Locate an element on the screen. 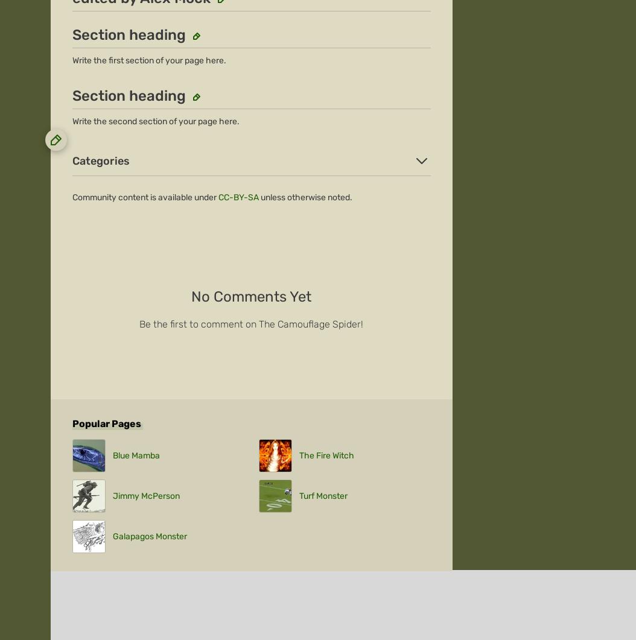 The width and height of the screenshot is (636, 640). 'Fictspedia Wiki is a FANDOM Lifestyle Community.' is located at coordinates (250, 538).